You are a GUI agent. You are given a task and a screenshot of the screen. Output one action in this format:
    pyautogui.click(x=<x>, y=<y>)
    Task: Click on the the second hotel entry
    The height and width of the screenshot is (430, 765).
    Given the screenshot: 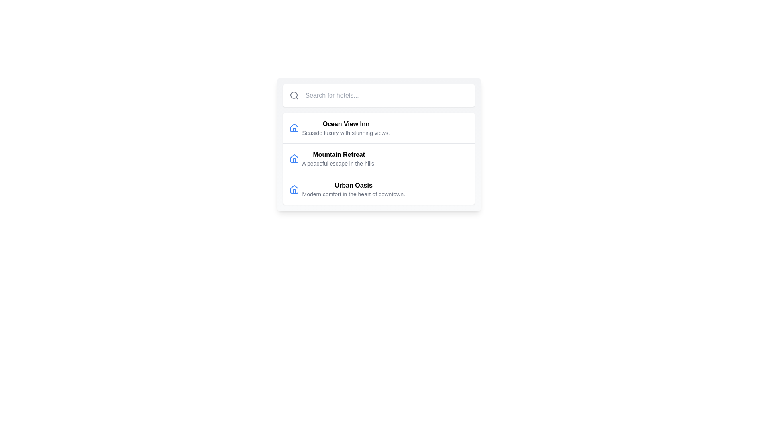 What is the action you would take?
    pyautogui.click(x=378, y=158)
    